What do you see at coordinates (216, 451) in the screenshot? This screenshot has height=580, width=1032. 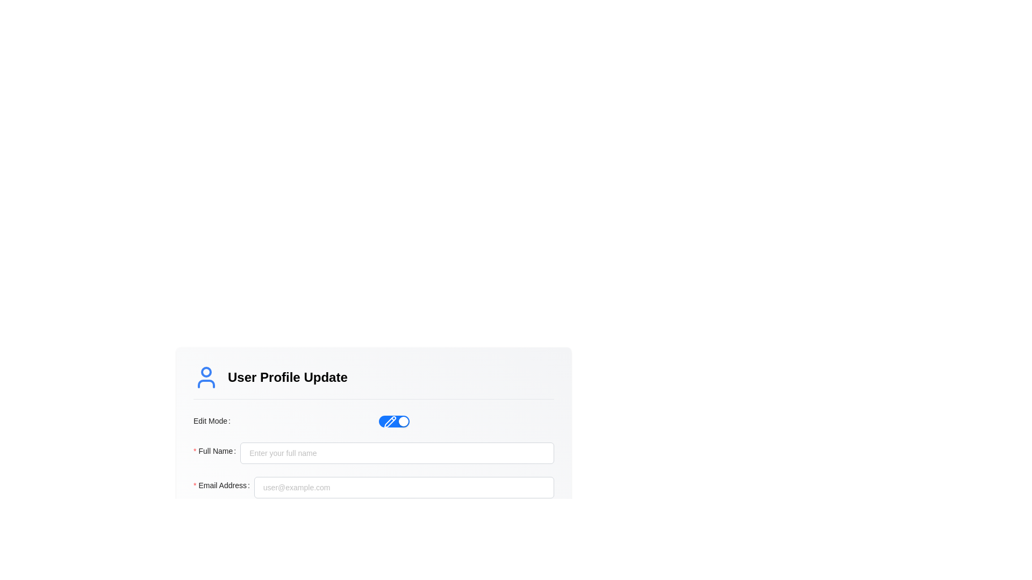 I see `the 'Full Name' label, which displays the text 'Full Name' with a preceding asterisk, indicating it is a required field` at bounding box center [216, 451].